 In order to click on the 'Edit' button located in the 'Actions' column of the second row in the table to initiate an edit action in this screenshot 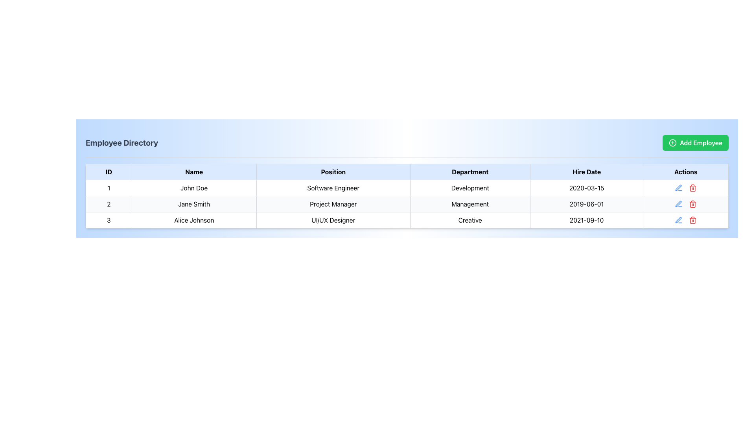, I will do `click(678, 188)`.